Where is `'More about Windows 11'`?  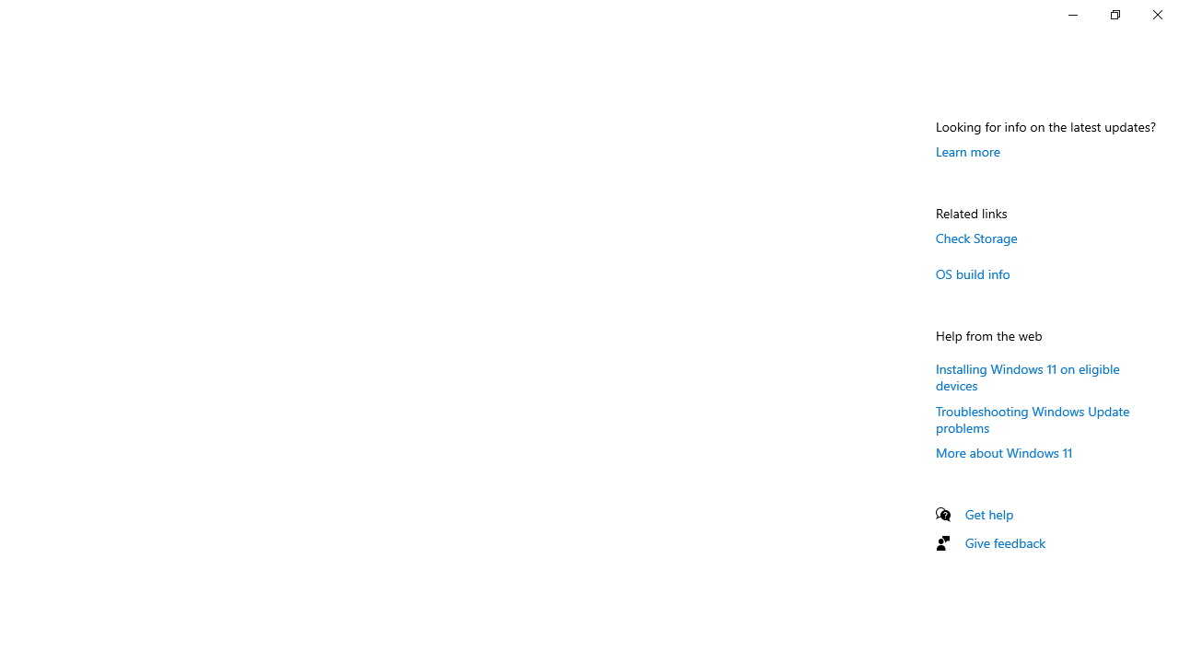 'More about Windows 11' is located at coordinates (1003, 452).